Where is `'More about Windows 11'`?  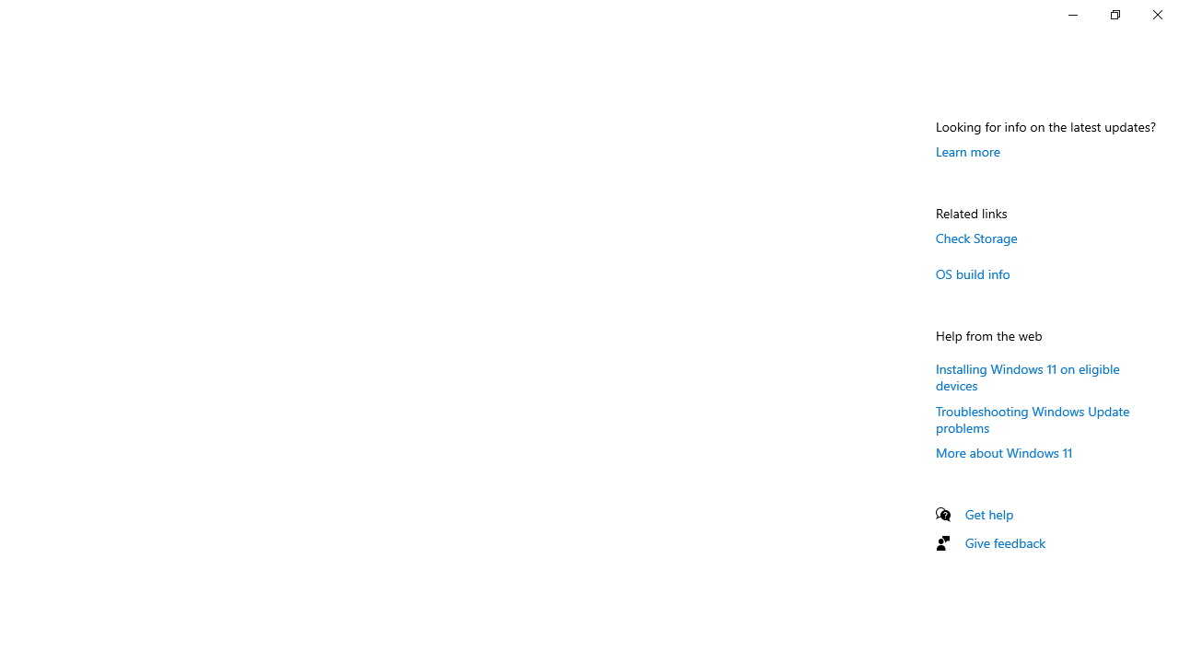 'More about Windows 11' is located at coordinates (1003, 452).